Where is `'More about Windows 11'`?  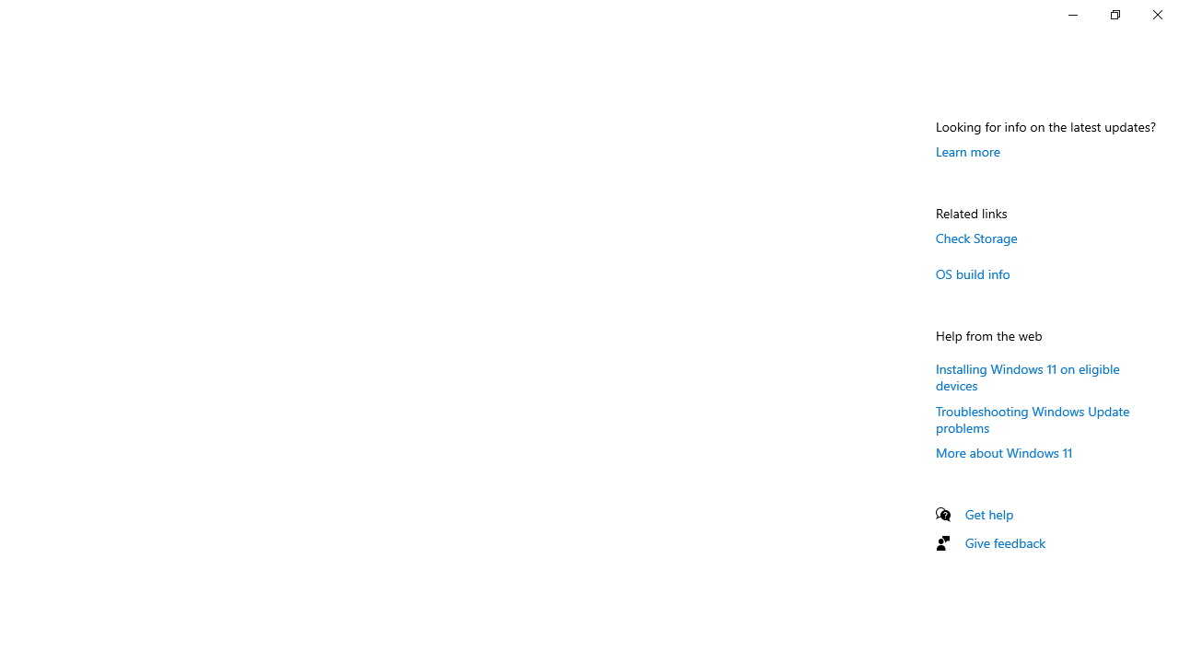 'More about Windows 11' is located at coordinates (1003, 452).